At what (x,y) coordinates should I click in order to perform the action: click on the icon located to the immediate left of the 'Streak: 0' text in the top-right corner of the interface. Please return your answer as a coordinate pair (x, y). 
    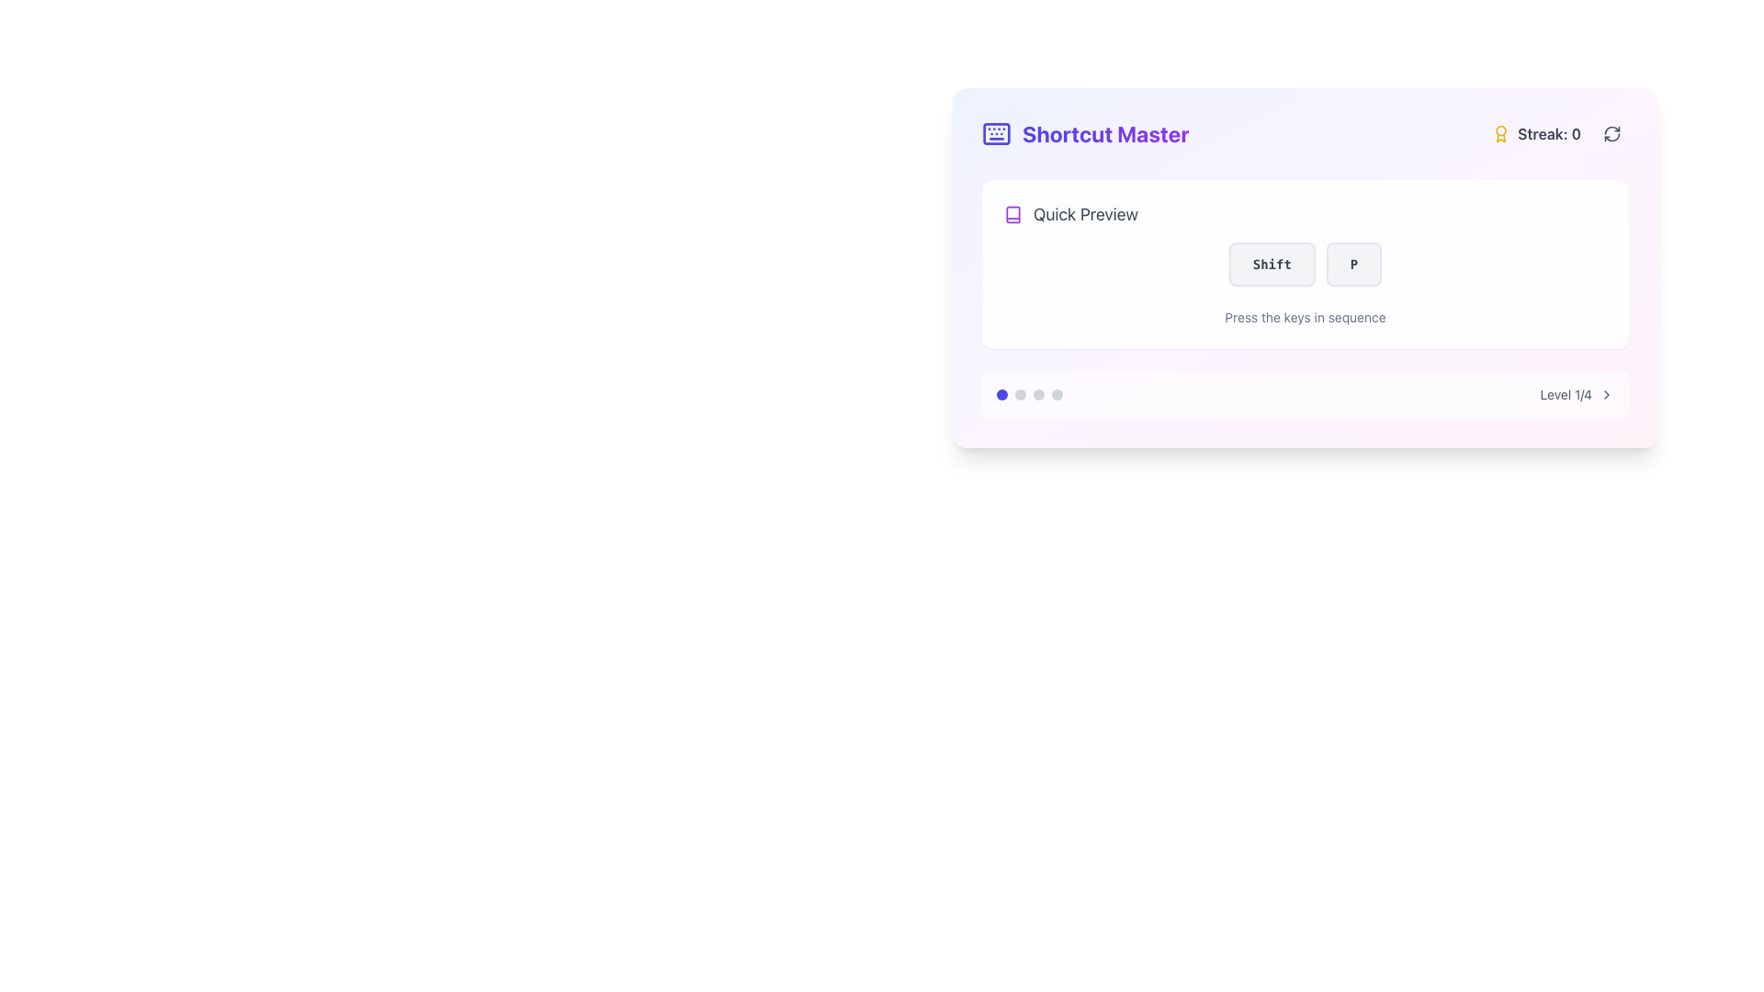
    Looking at the image, I should click on (1501, 133).